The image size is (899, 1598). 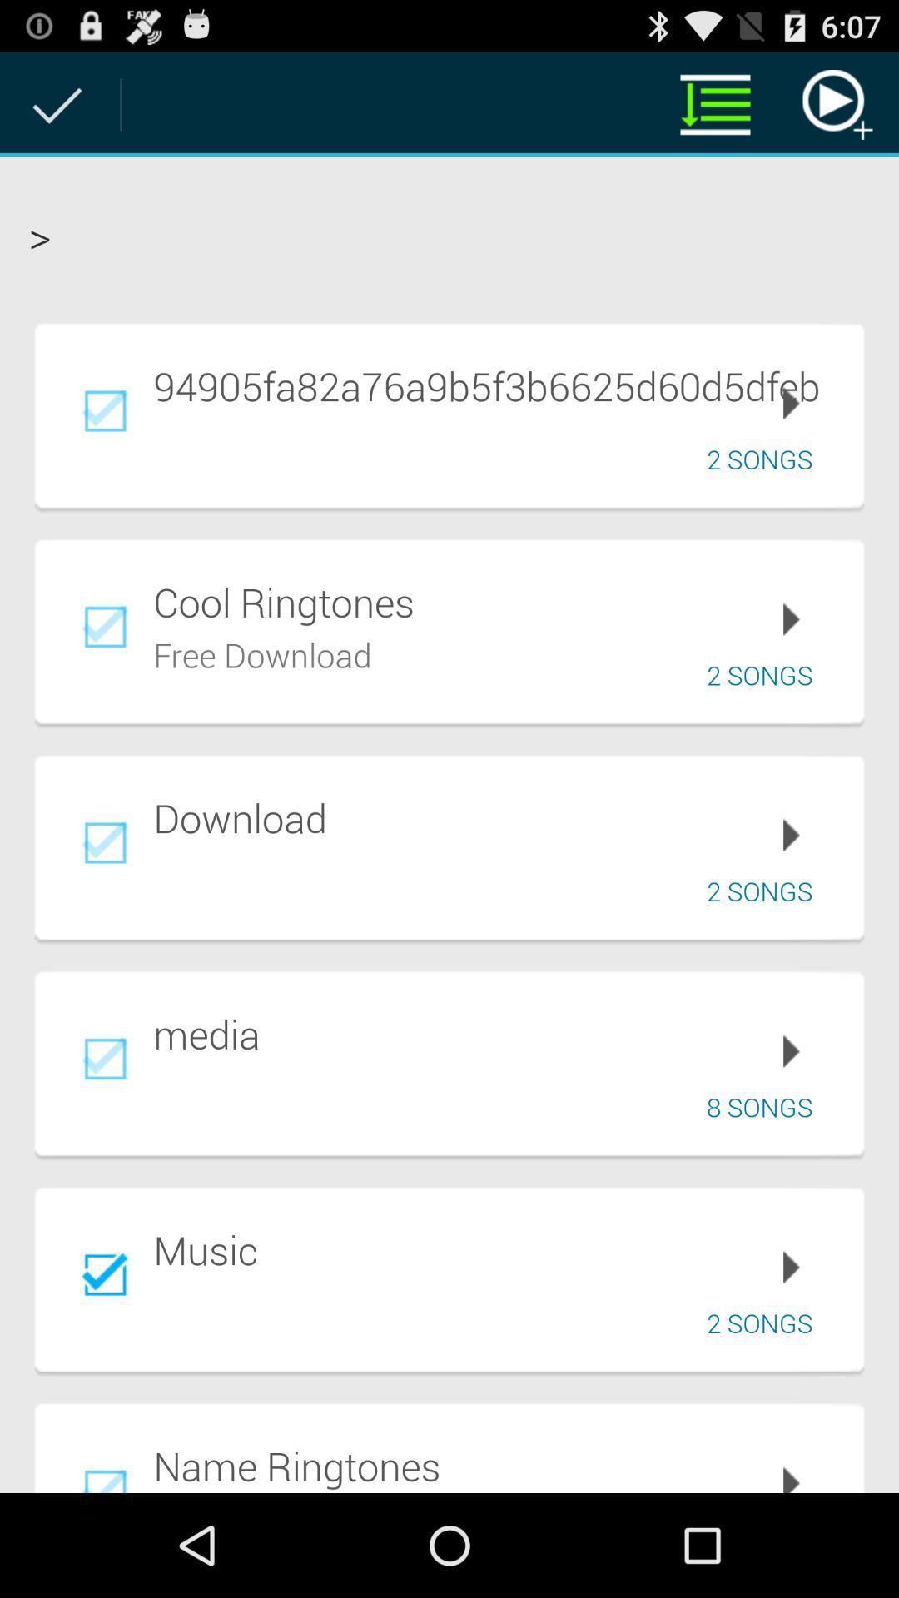 I want to click on the cool ringtones item, so click(x=496, y=601).